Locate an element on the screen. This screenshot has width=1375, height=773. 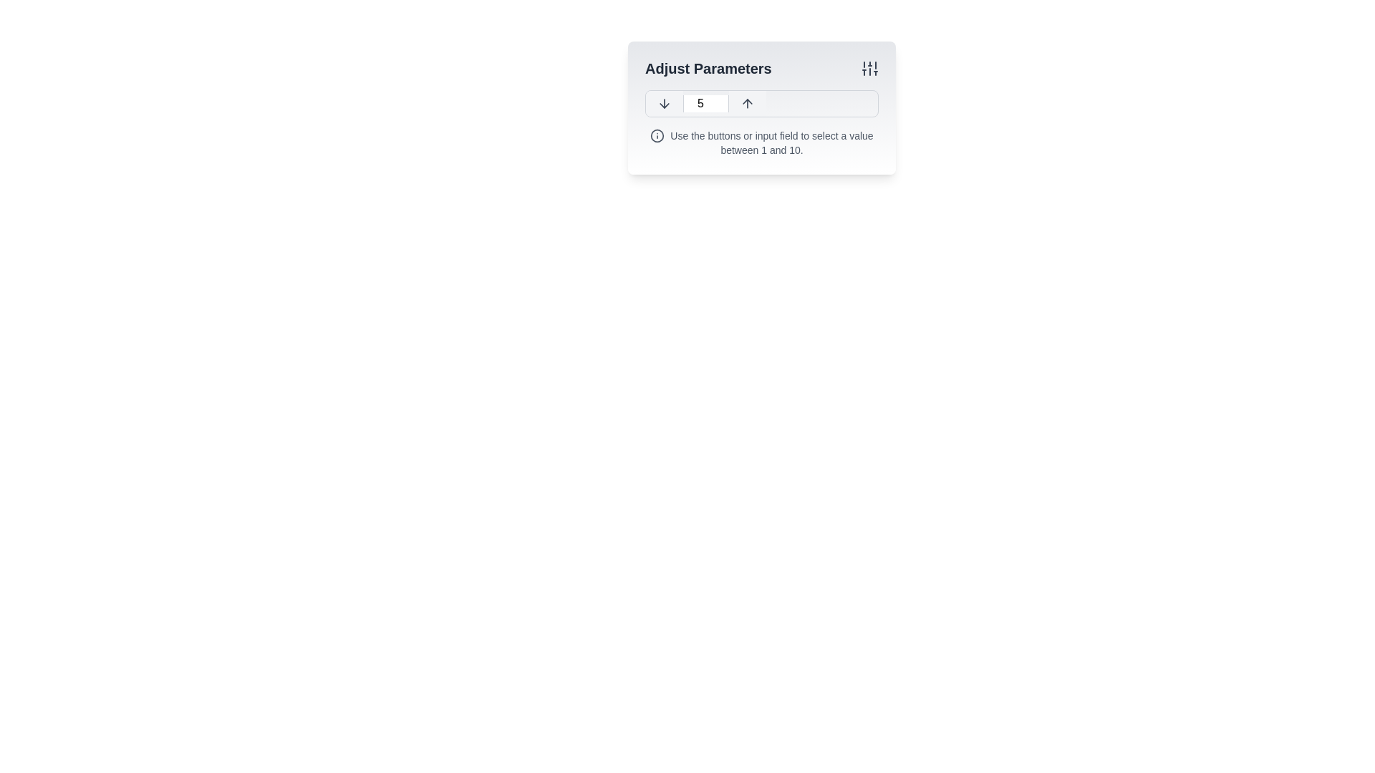
the upward-pointing arrow icon located within a button on the right side of the control panel to potentially reveal more details or states is located at coordinates (746, 103).